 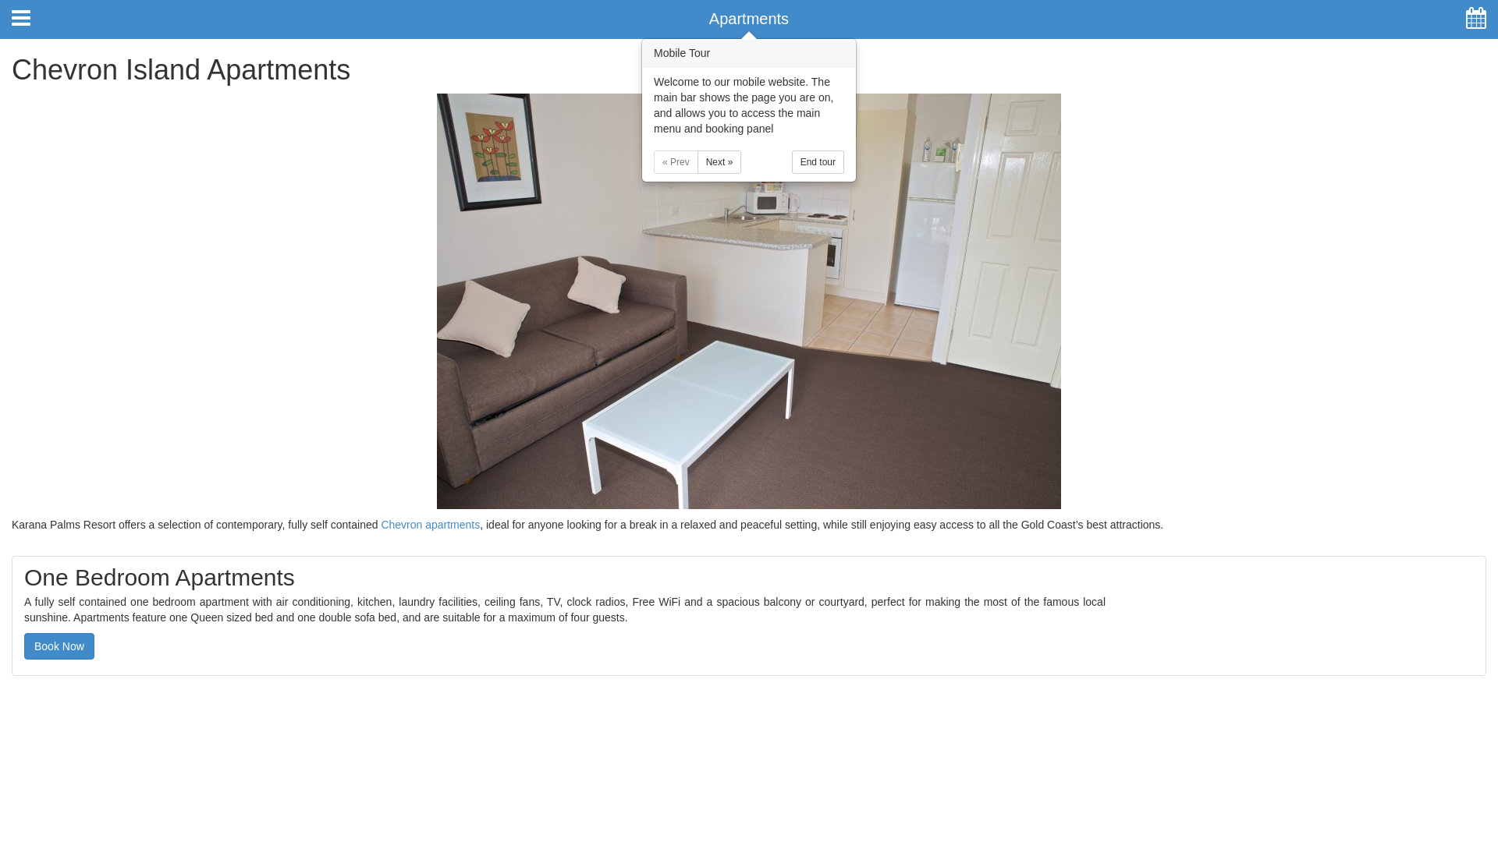 I want to click on 'End tour', so click(x=817, y=162).